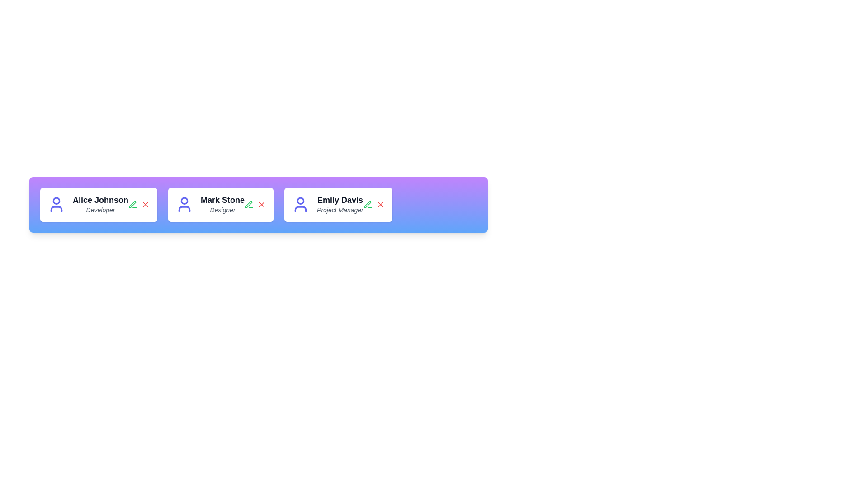 The height and width of the screenshot is (488, 868). What do you see at coordinates (221, 205) in the screenshot?
I see `the profile card of Mark Stone to view their information` at bounding box center [221, 205].